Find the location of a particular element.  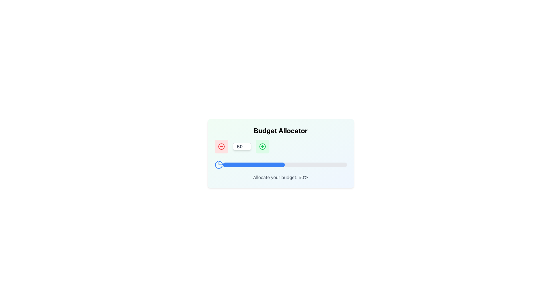

the SVG Circle element that serves as an interactive button indicating 'add' or 'increase', positioned to the right of the numeric input field and adjacent to the minus button is located at coordinates (262, 146).